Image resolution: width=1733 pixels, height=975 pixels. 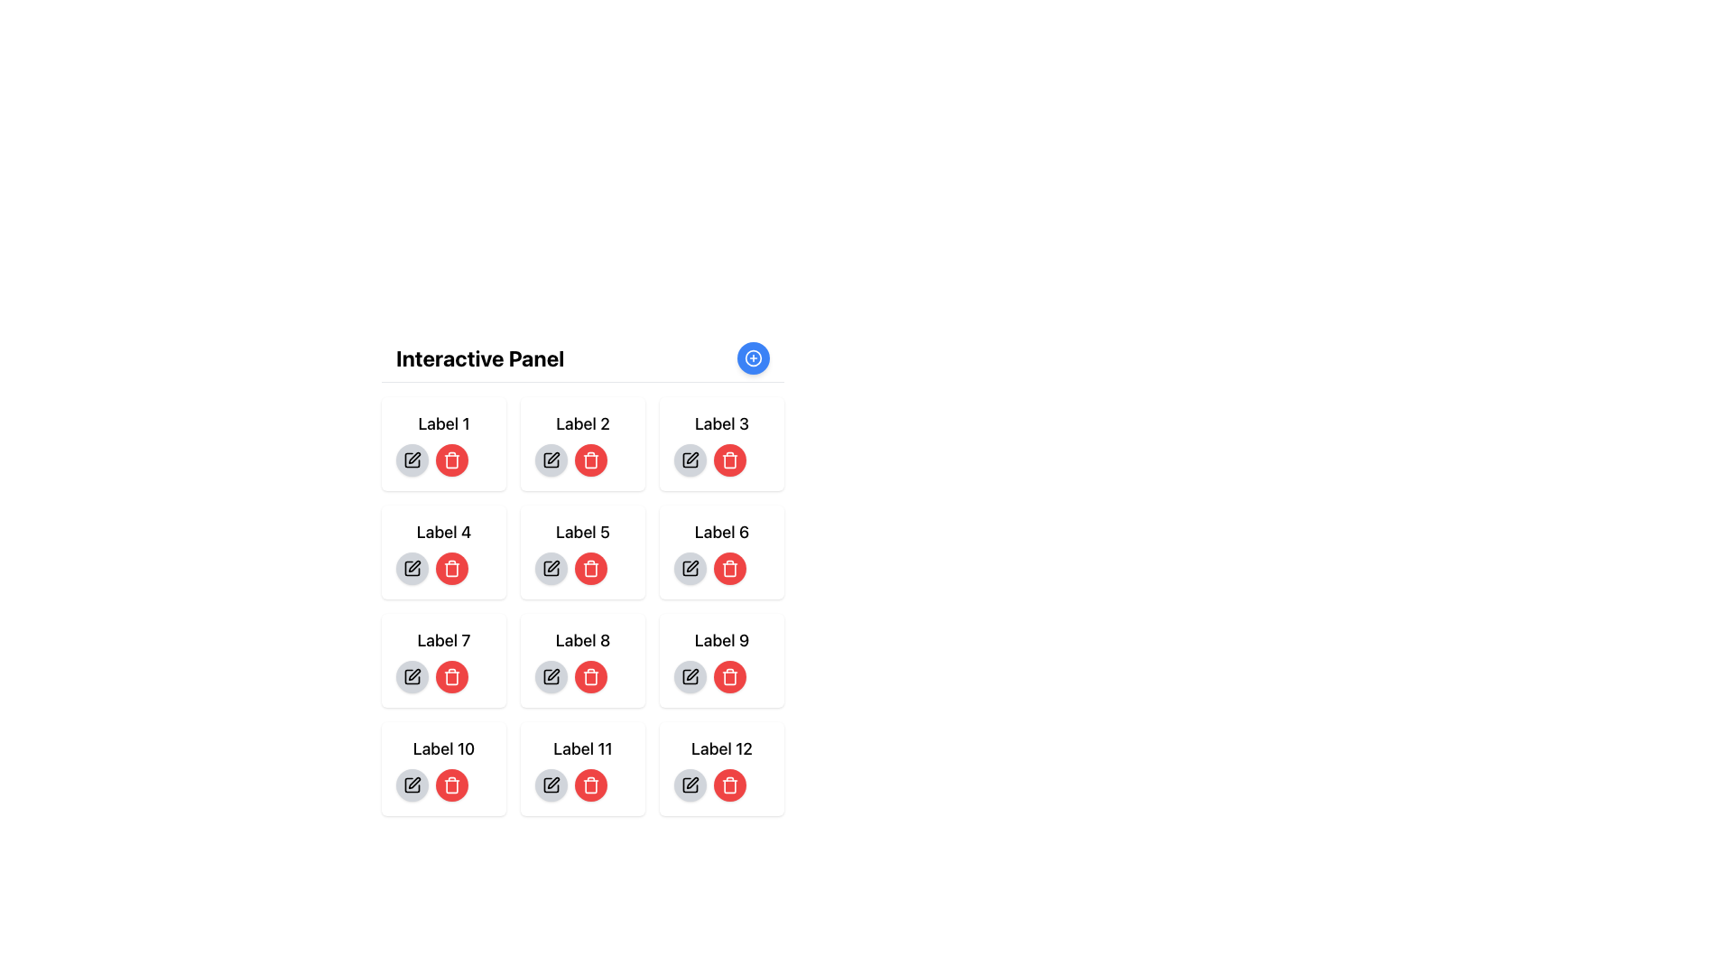 What do you see at coordinates (691, 782) in the screenshot?
I see `the graphical pen icon representing the editing tool located in the bottom right corner of the grid layout within the square box for 'Label 12'` at bounding box center [691, 782].